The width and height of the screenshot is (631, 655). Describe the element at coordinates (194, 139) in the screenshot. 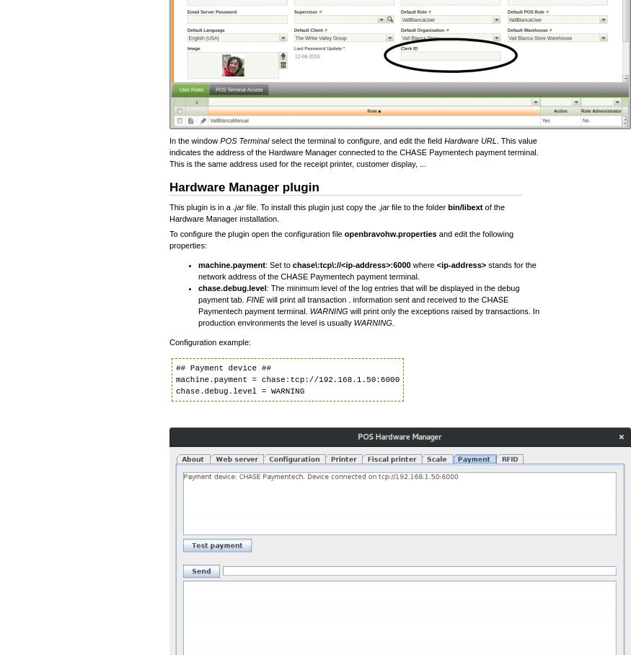

I see `'In the window'` at that location.